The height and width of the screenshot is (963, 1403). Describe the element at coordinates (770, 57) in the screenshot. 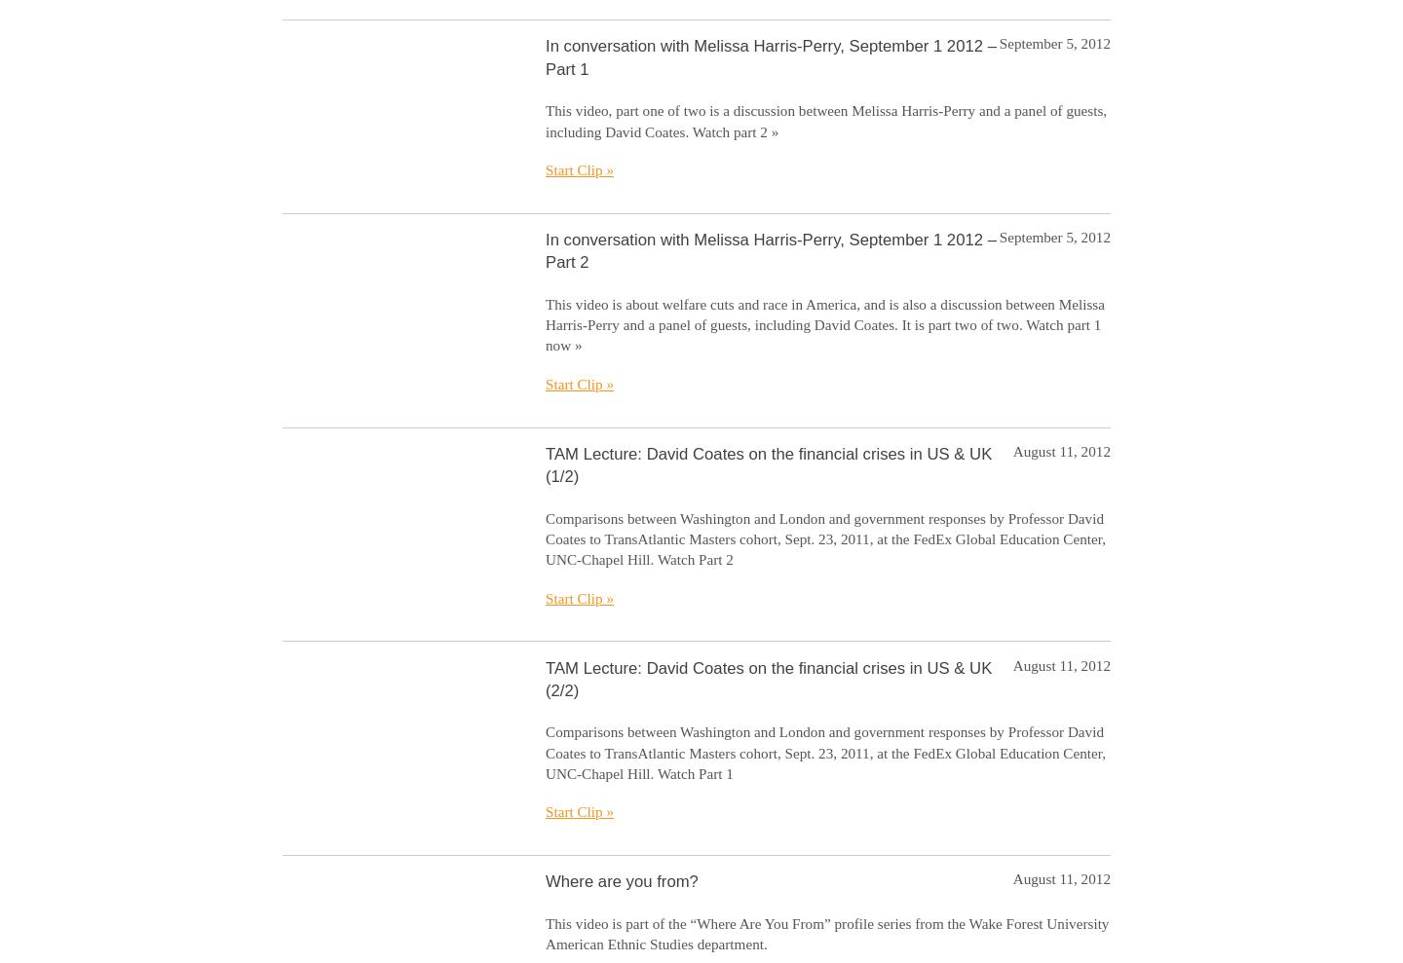

I see `'In conversation with Melissa Harris-Perry, September 1 2012 – Part 1'` at that location.